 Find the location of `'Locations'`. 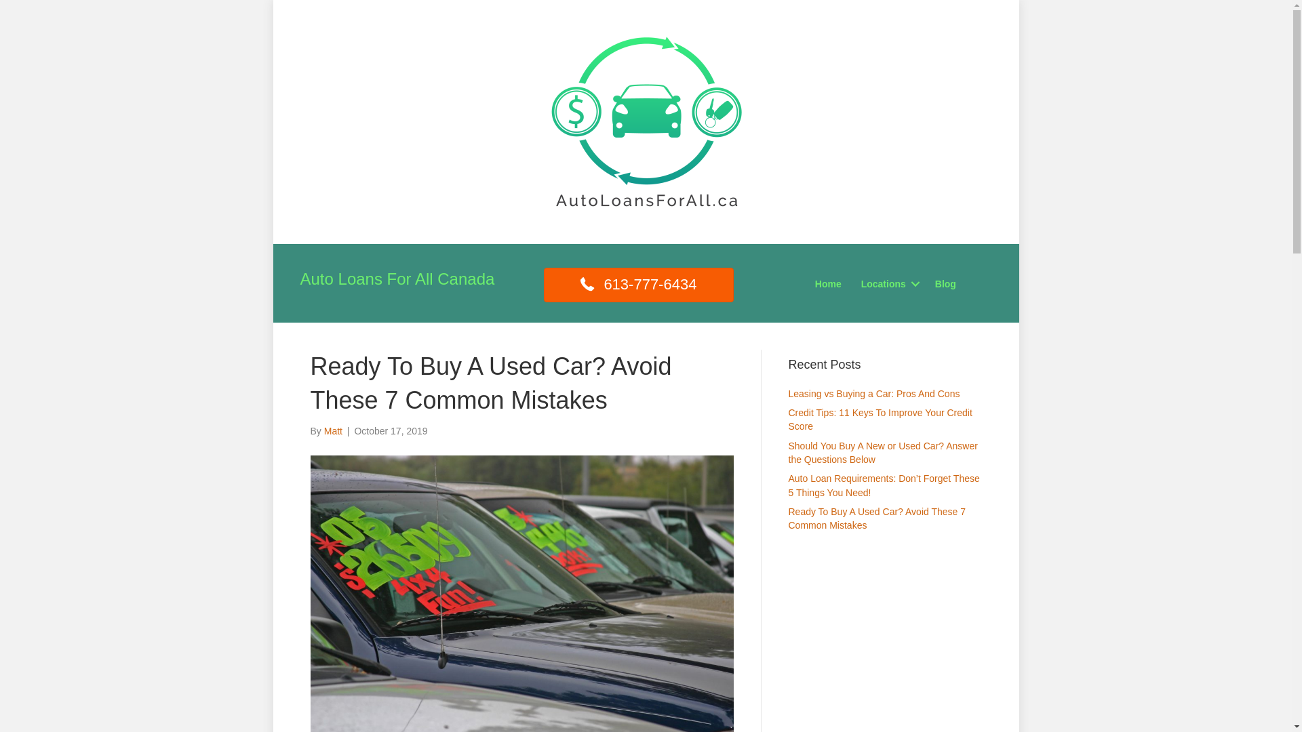

'Locations' is located at coordinates (888, 283).